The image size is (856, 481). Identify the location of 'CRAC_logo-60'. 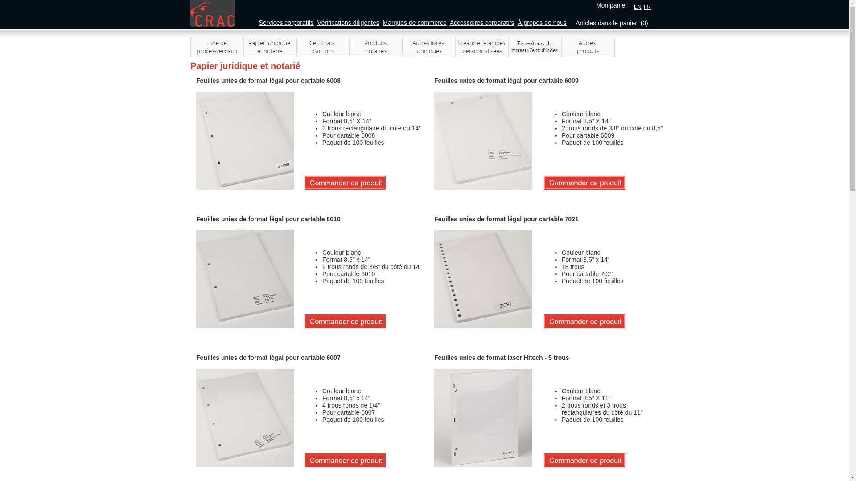
(212, 13).